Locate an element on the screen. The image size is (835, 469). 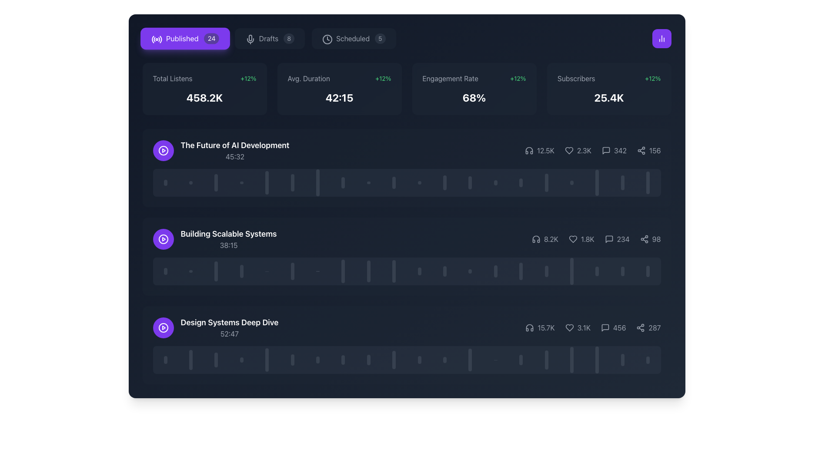
the heart icon, which is positioned between a numeric label on the left and another label on the right in a horizontal icon set is located at coordinates (569, 150).